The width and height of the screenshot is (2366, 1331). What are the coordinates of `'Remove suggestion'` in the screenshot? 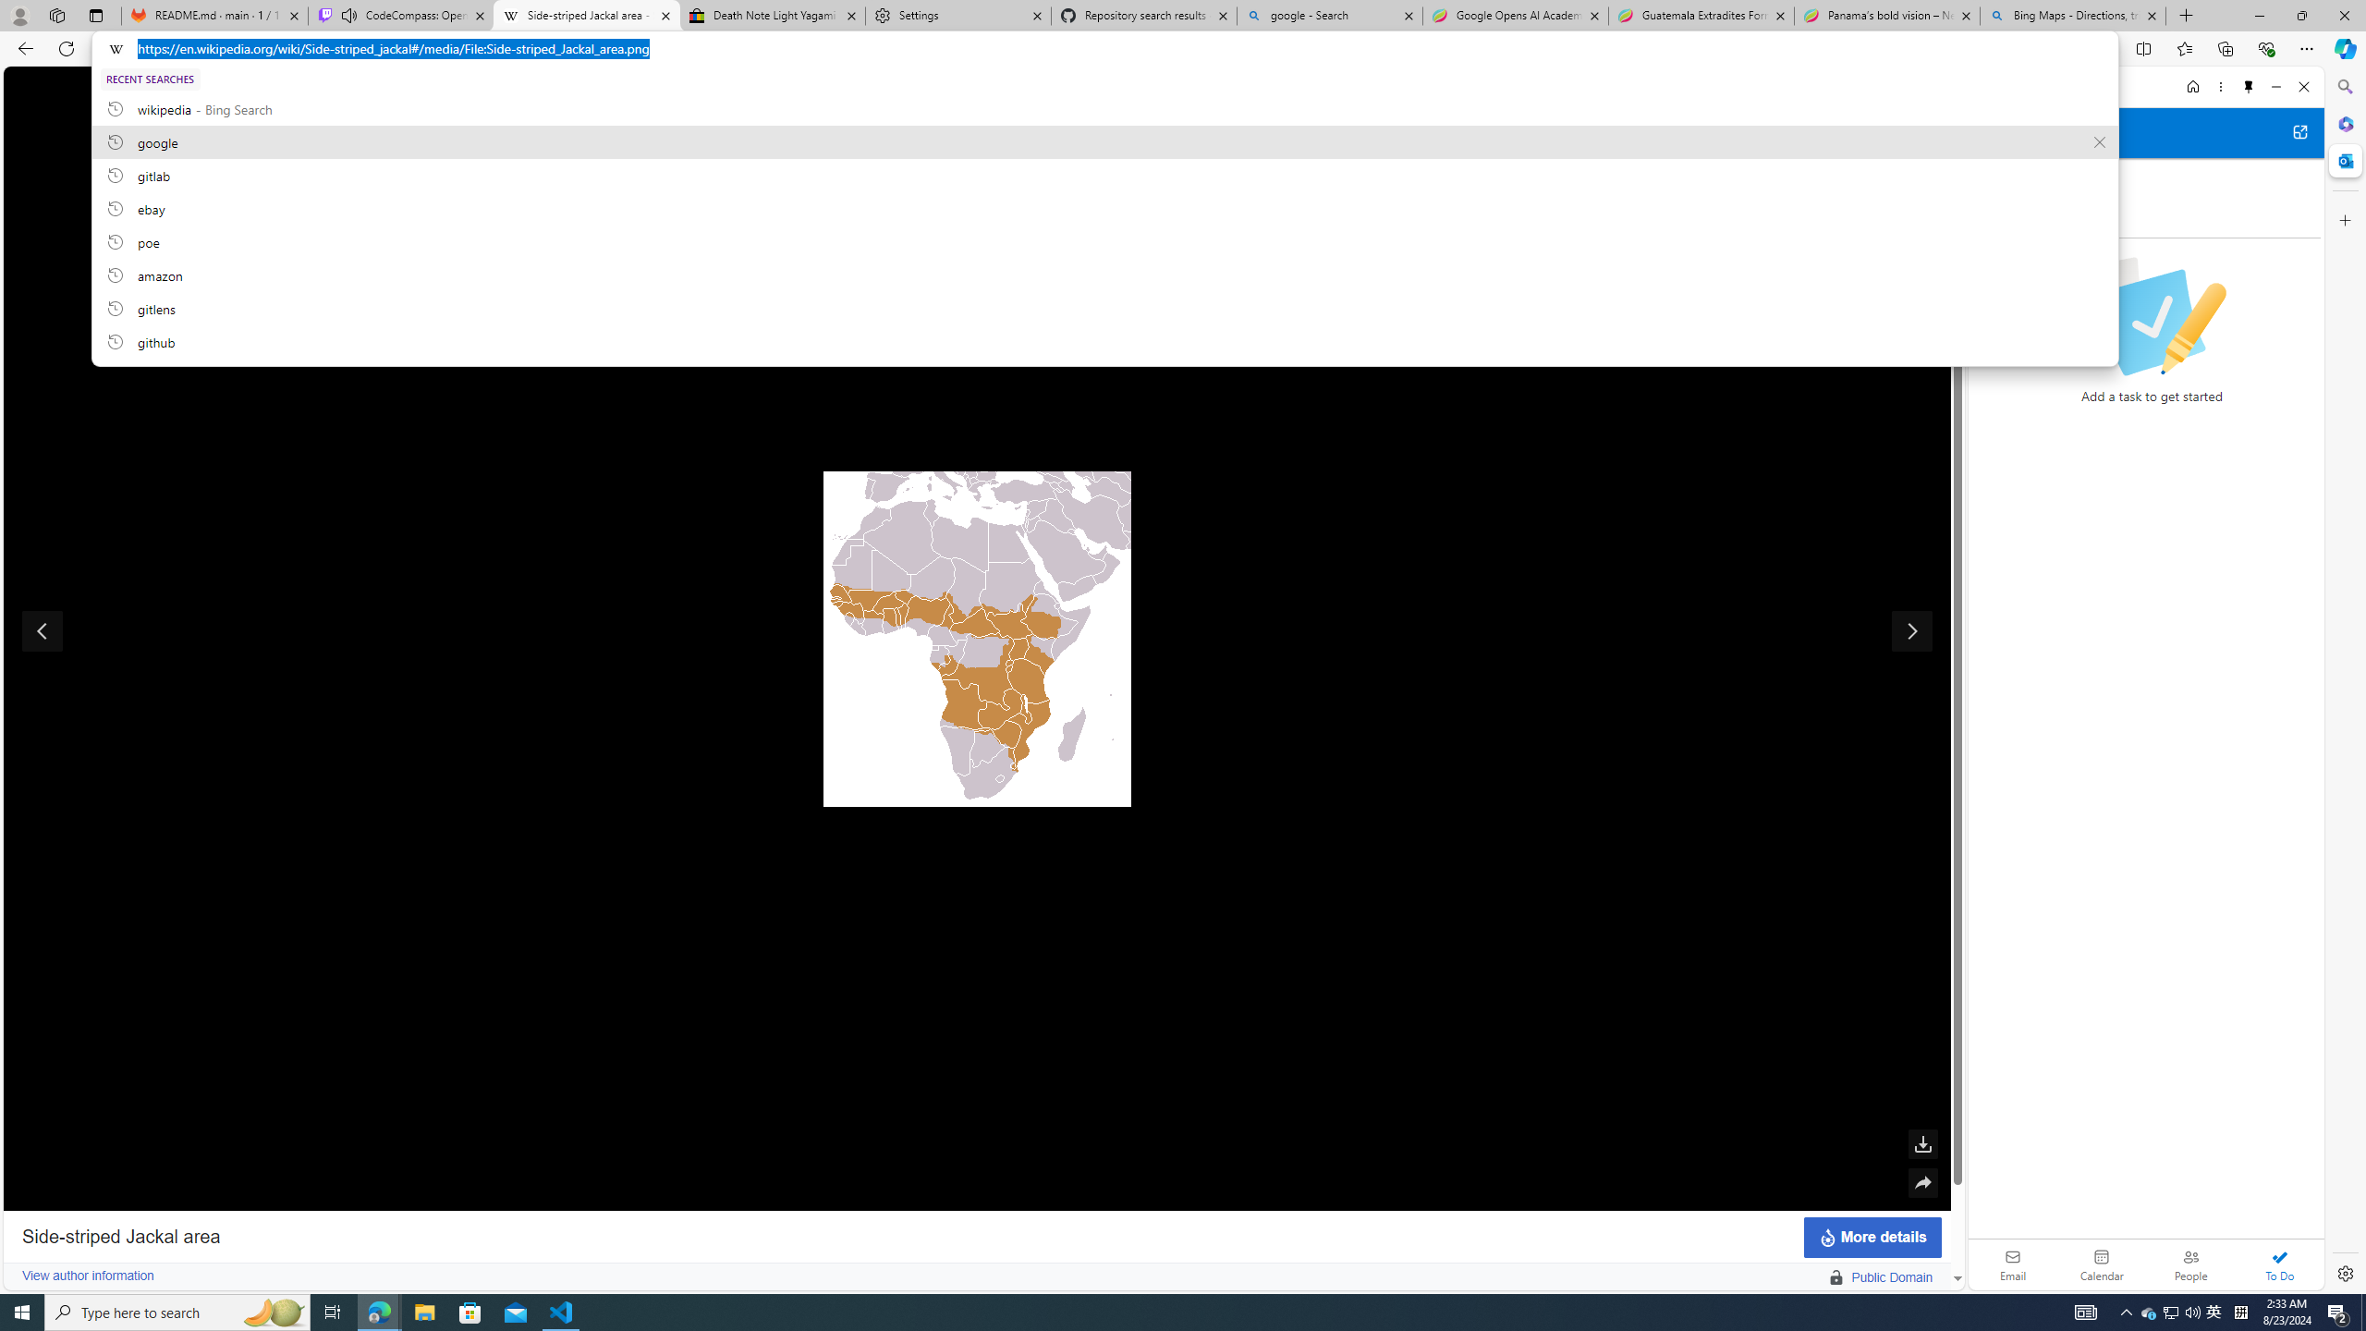 It's located at (2099, 141).